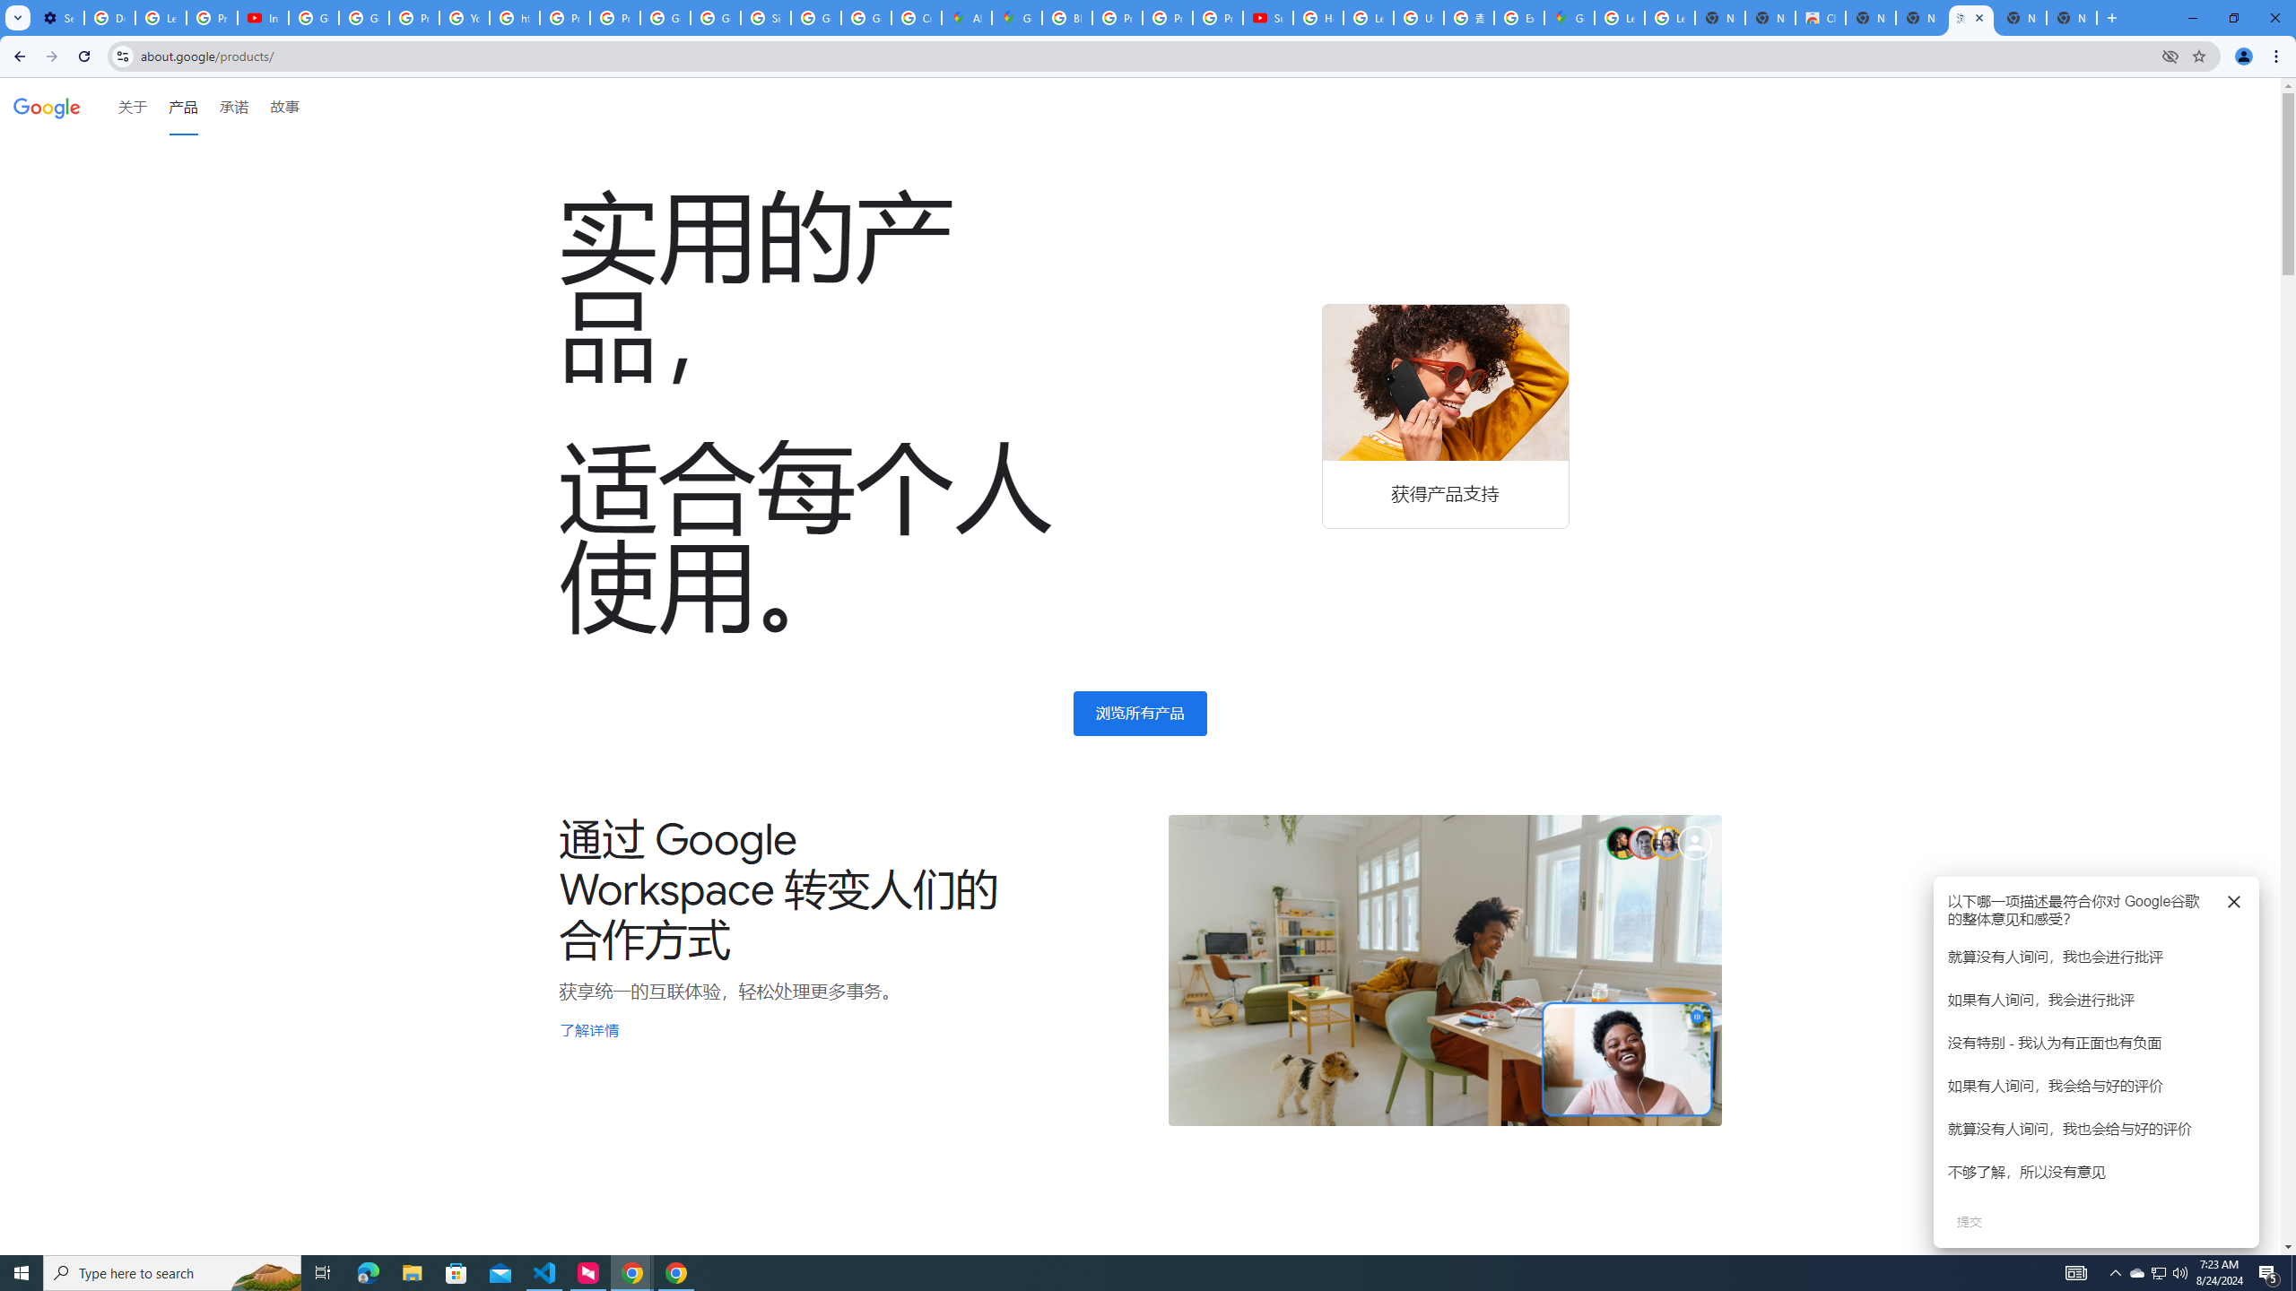 Image resolution: width=2296 pixels, height=1291 pixels. Describe the element at coordinates (263, 17) in the screenshot. I see `'Introduction | Google Privacy Policy - YouTube'` at that location.